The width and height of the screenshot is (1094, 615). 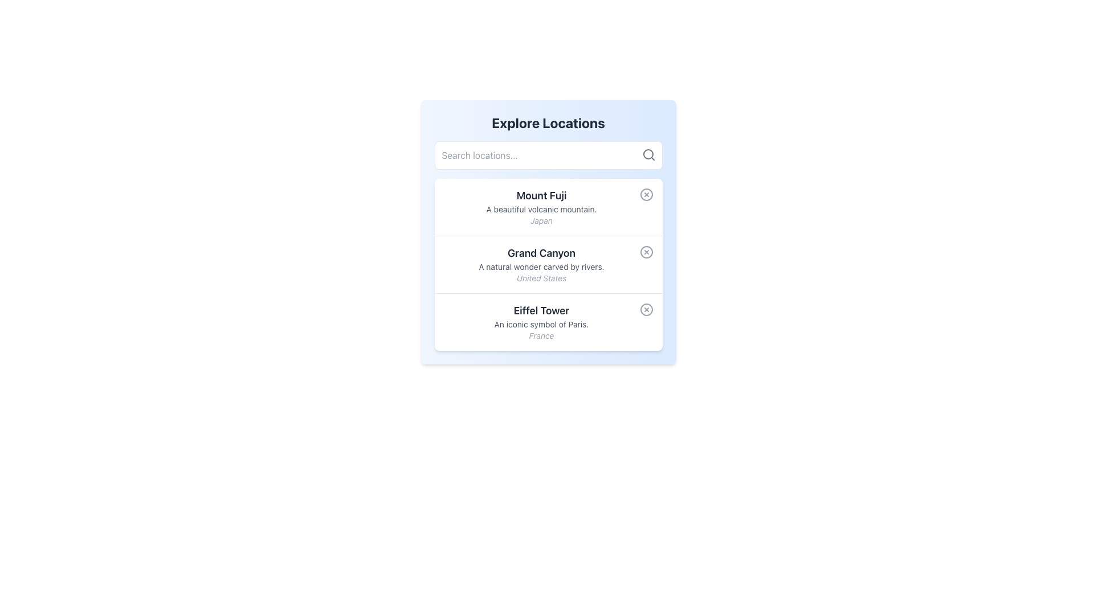 What do you see at coordinates (646, 309) in the screenshot?
I see `the circular SVG element with a gray border, located on the far right of the 'Eiffel Tower' list item` at bounding box center [646, 309].